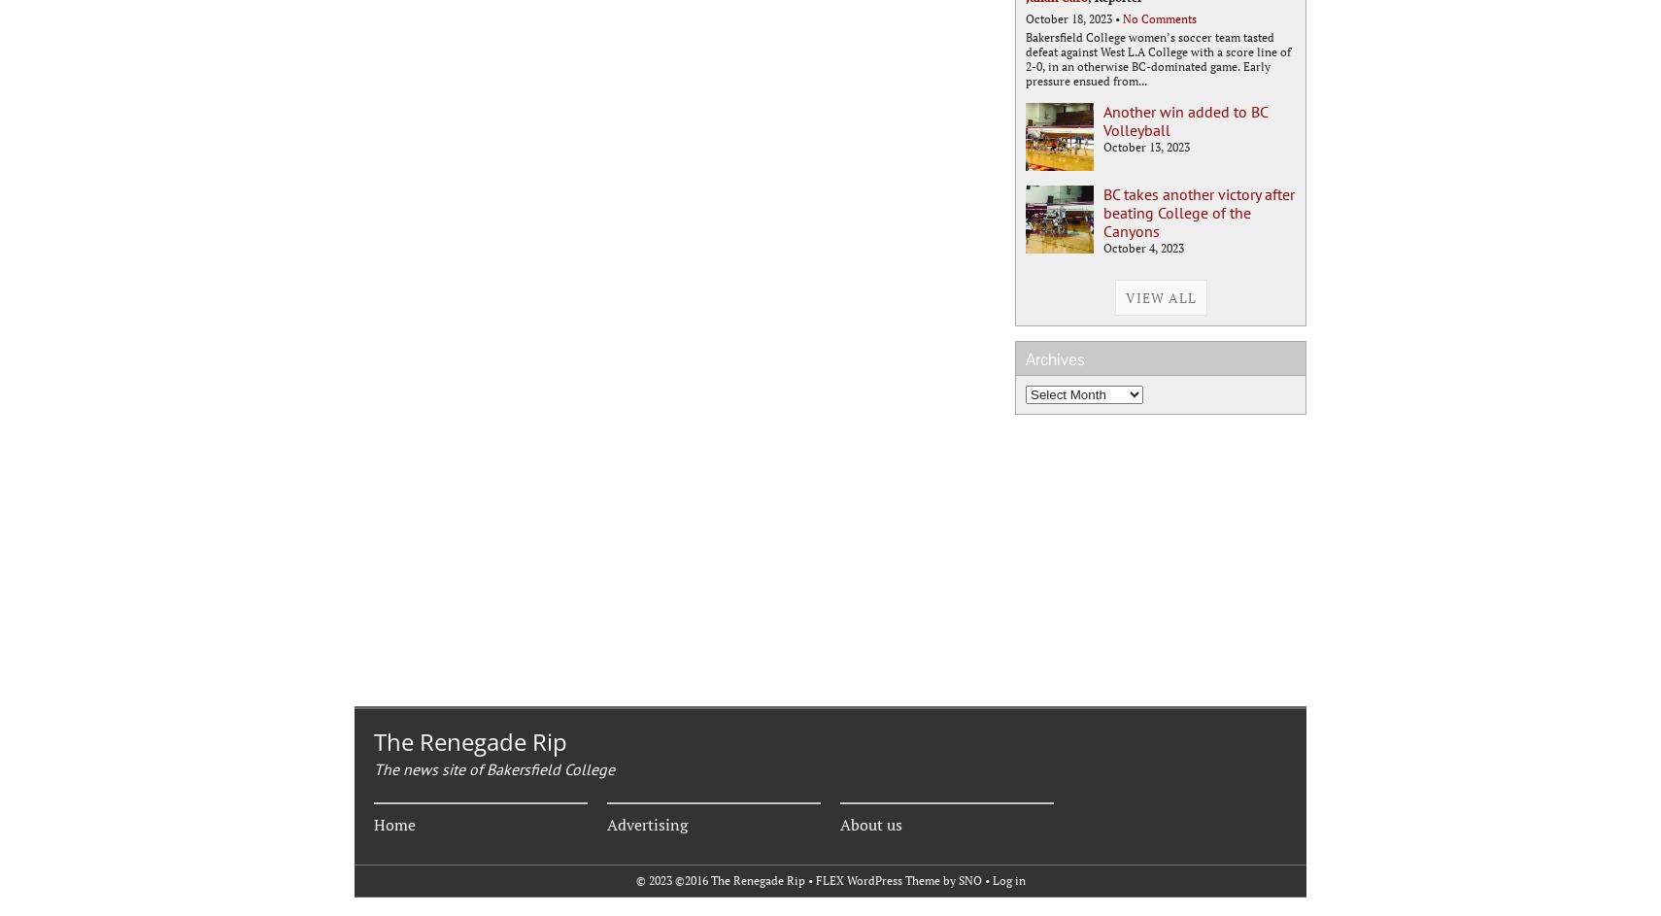 This screenshot has height=916, width=1661. What do you see at coordinates (1054, 358) in the screenshot?
I see `'Archives'` at bounding box center [1054, 358].